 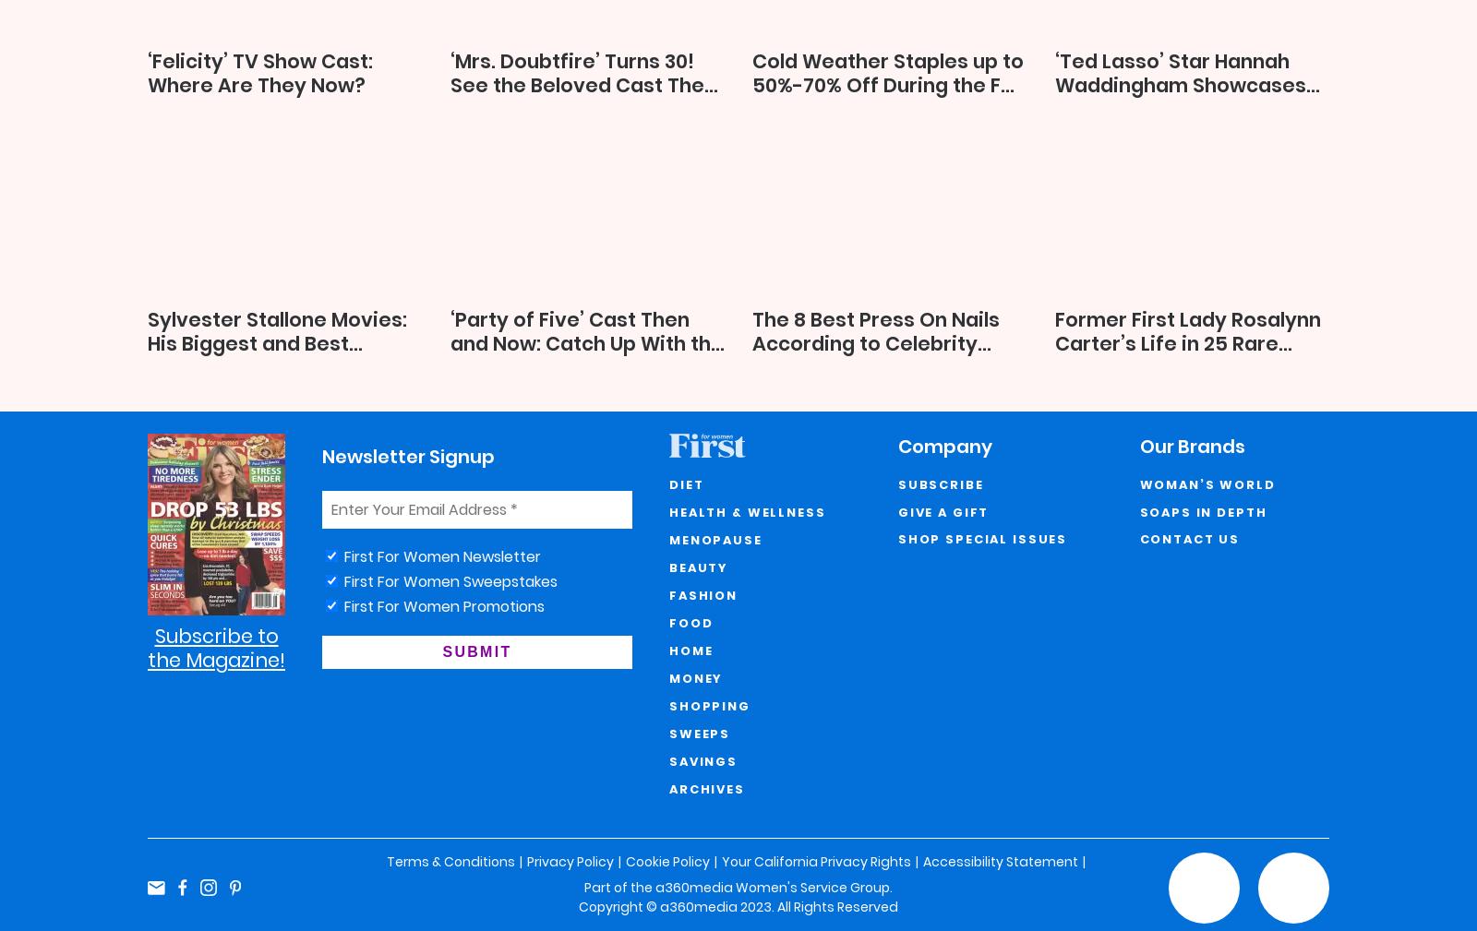 What do you see at coordinates (696, 678) in the screenshot?
I see `'Money'` at bounding box center [696, 678].